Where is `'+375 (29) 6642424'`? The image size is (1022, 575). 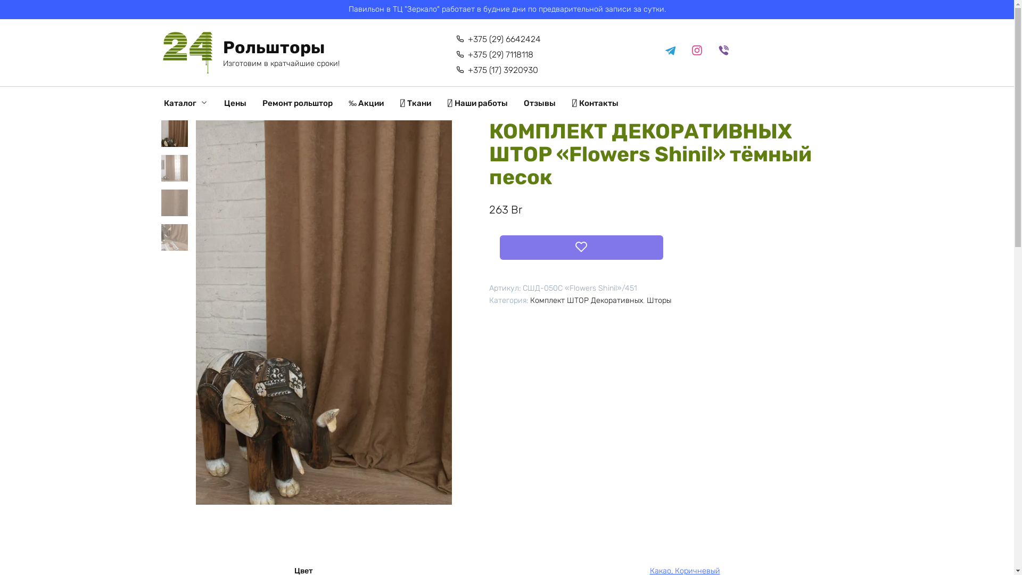
'+375 (29) 6642424' is located at coordinates (498, 39).